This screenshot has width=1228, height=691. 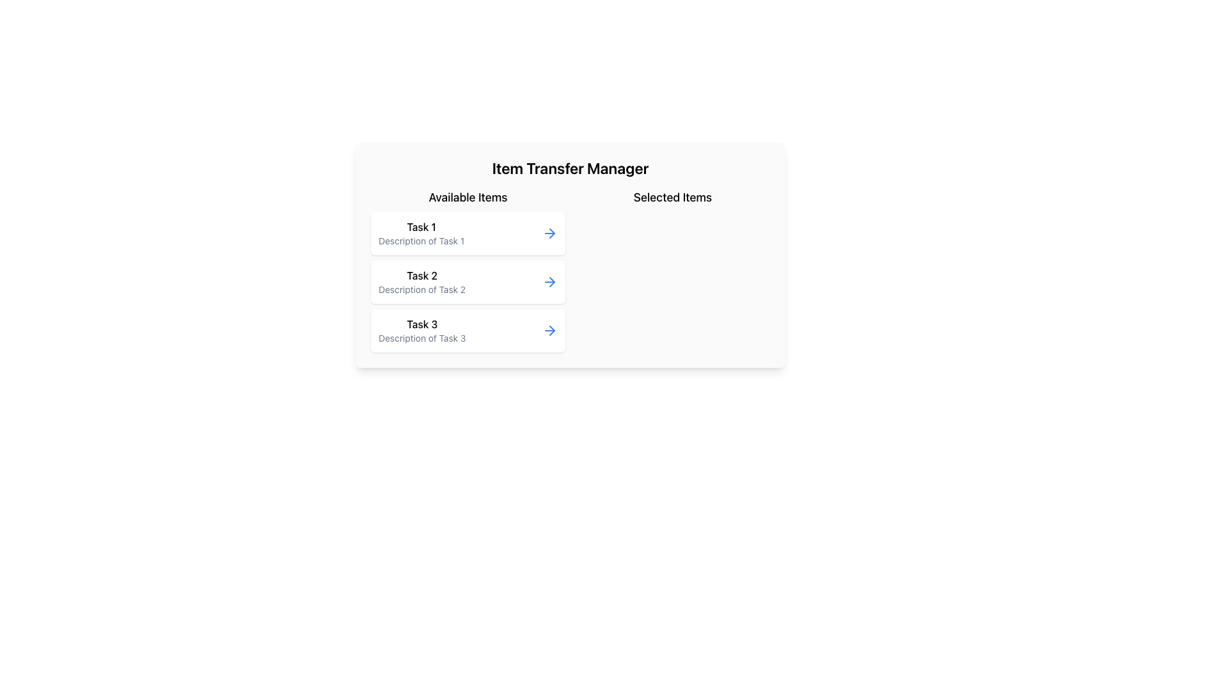 I want to click on text from the Text Label located below the 'Task 3' label, which provides additional information corresponding to 'Task 3.', so click(x=422, y=337).